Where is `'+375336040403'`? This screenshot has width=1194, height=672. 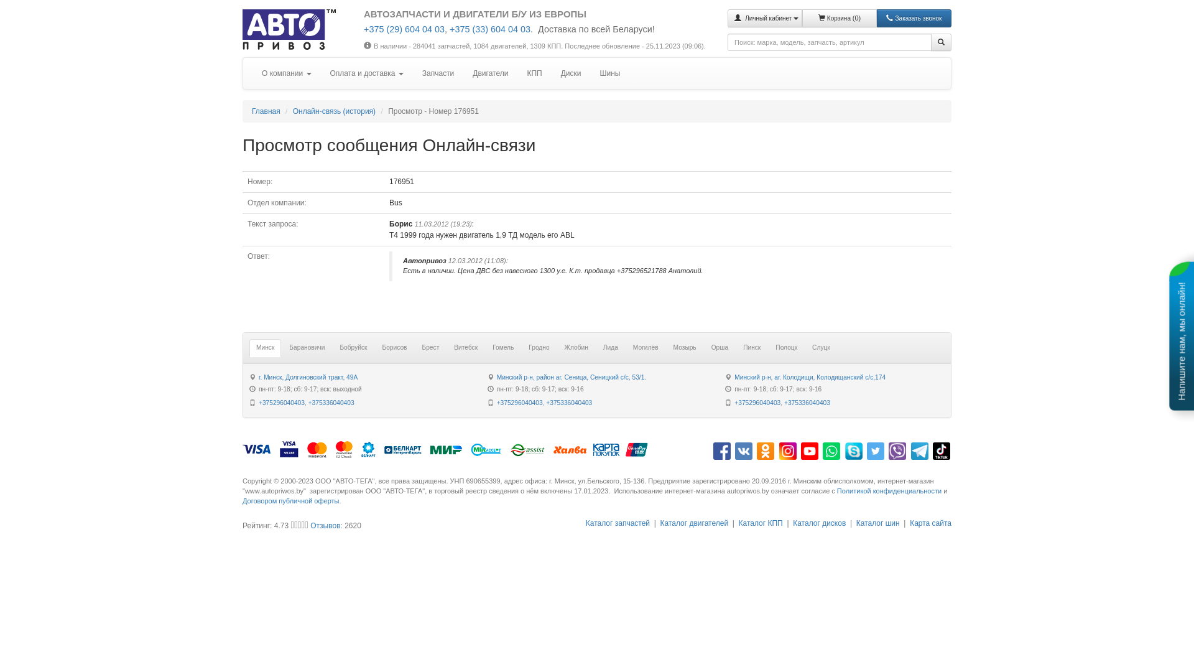
'+375336040403' is located at coordinates (546, 403).